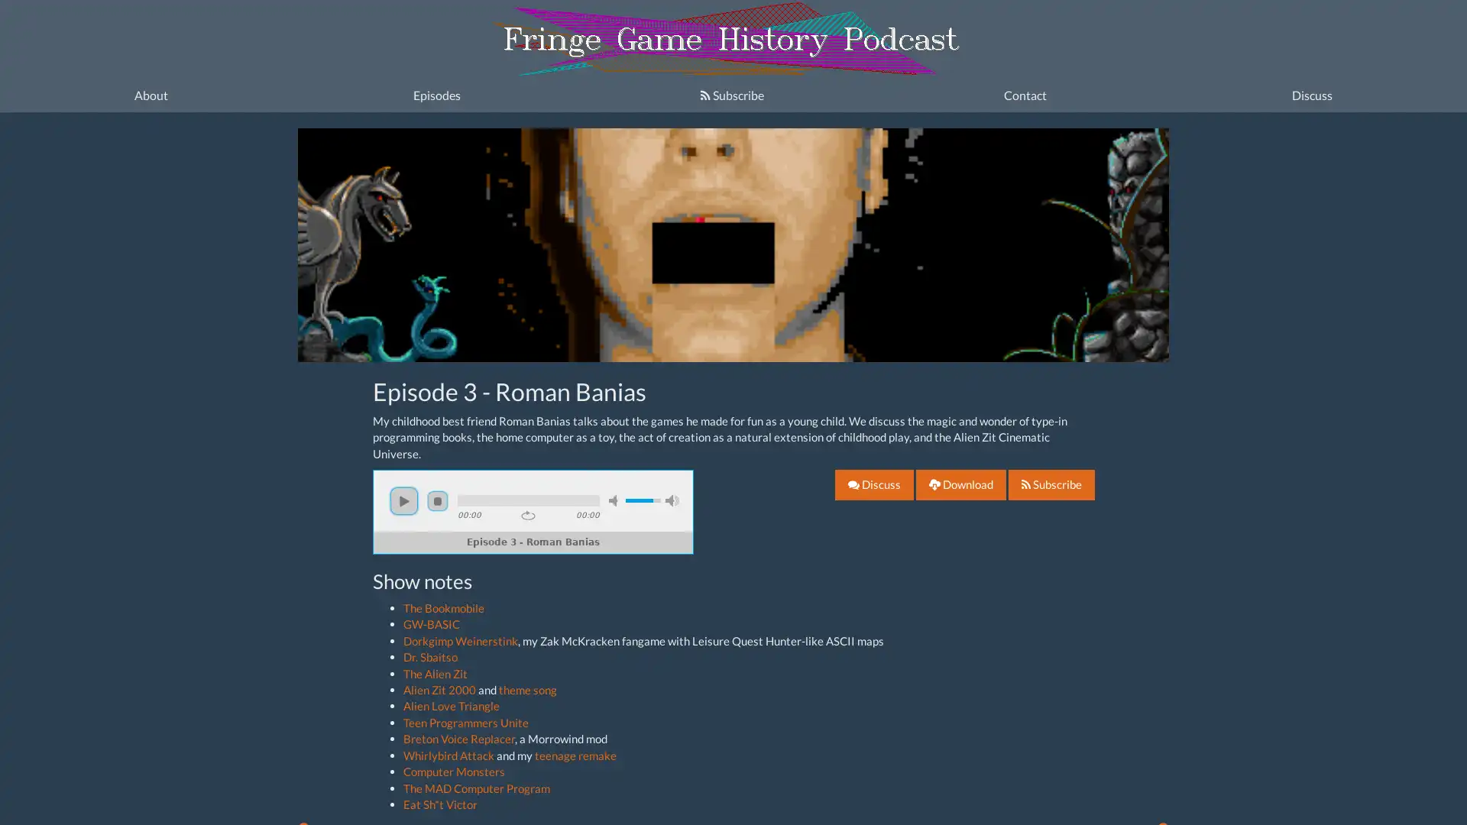 The image size is (1467, 825). I want to click on repeat, so click(528, 516).